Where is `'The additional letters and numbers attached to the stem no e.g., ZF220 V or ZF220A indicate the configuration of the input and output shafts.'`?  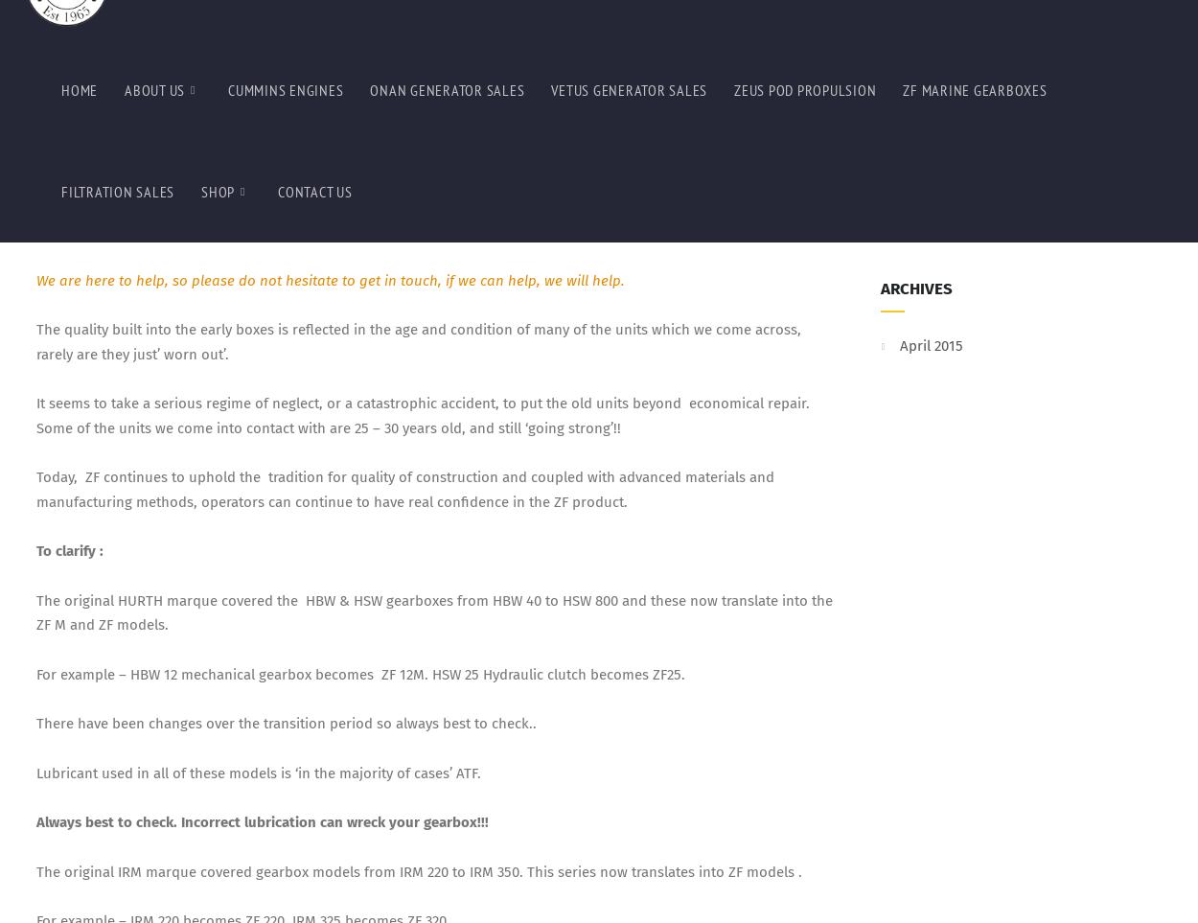 'The additional letters and numbers attached to the stem no e.g., ZF220 V or ZF220A indicate the configuration of the input and output shafts.' is located at coordinates (428, 129).